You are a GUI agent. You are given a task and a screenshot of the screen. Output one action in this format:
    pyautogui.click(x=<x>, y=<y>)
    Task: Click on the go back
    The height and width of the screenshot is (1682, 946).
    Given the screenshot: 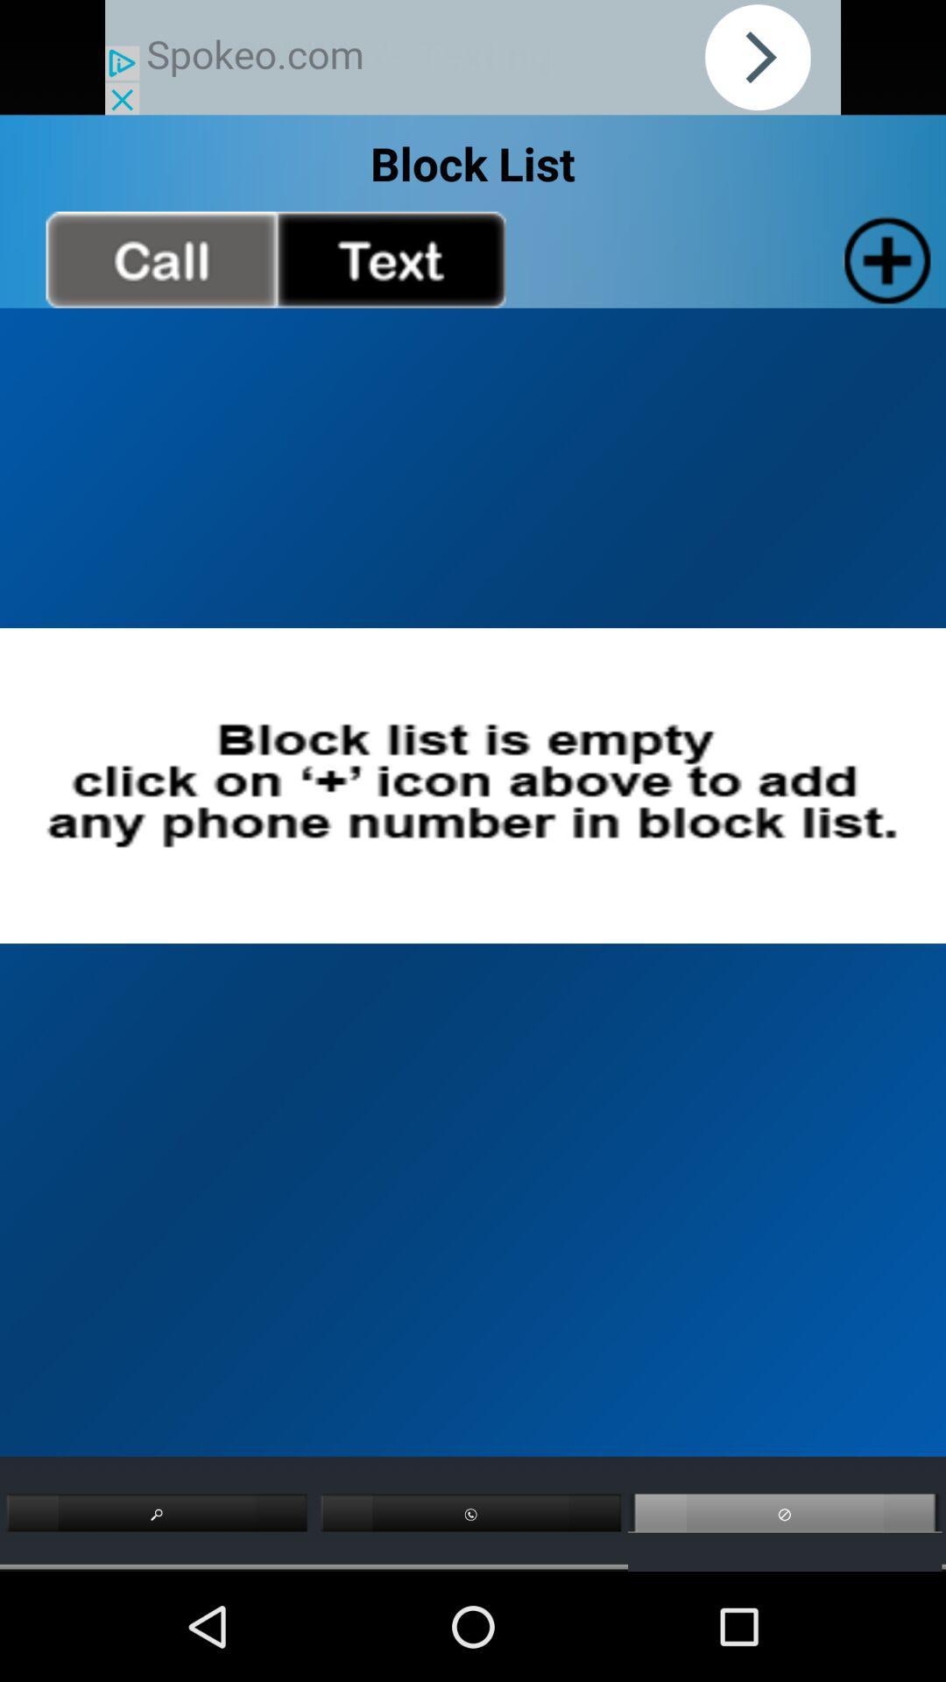 What is the action you would take?
    pyautogui.click(x=160, y=258)
    